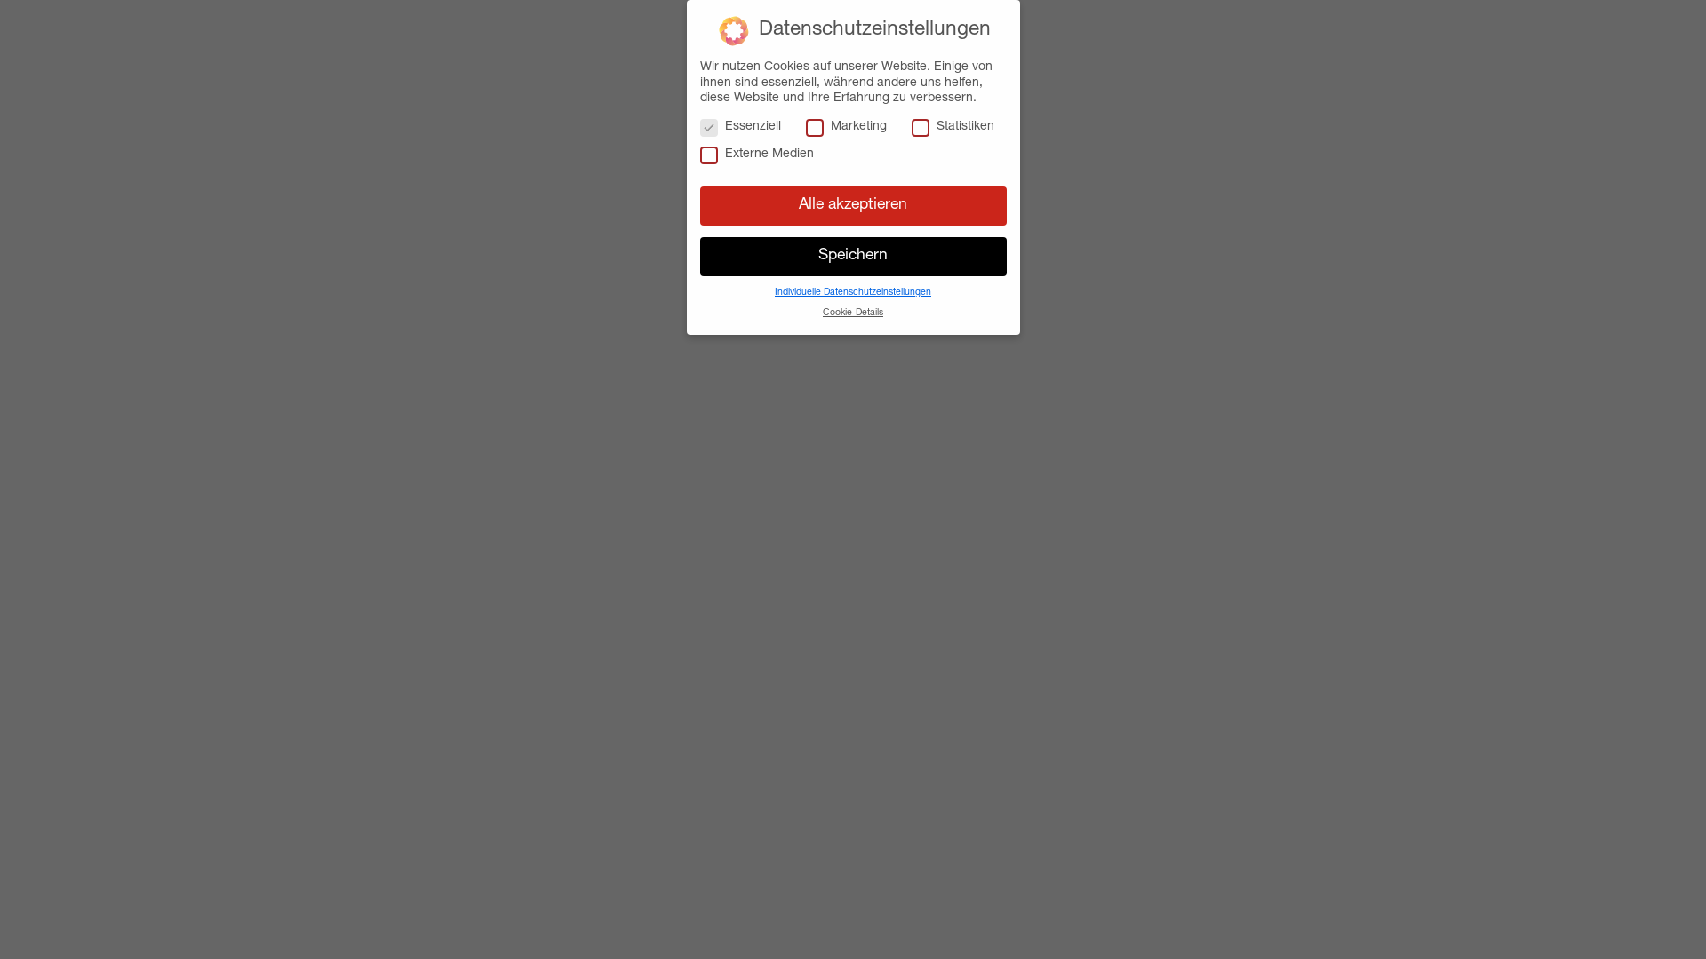 The width and height of the screenshot is (1706, 959). Describe the element at coordinates (853, 257) in the screenshot. I see `'Speichern'` at that location.